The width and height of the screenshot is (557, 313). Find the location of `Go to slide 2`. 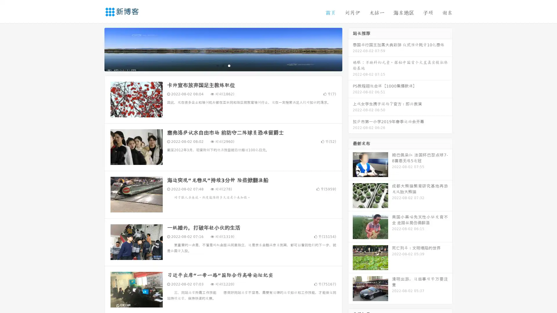

Go to slide 2 is located at coordinates (223, 65).